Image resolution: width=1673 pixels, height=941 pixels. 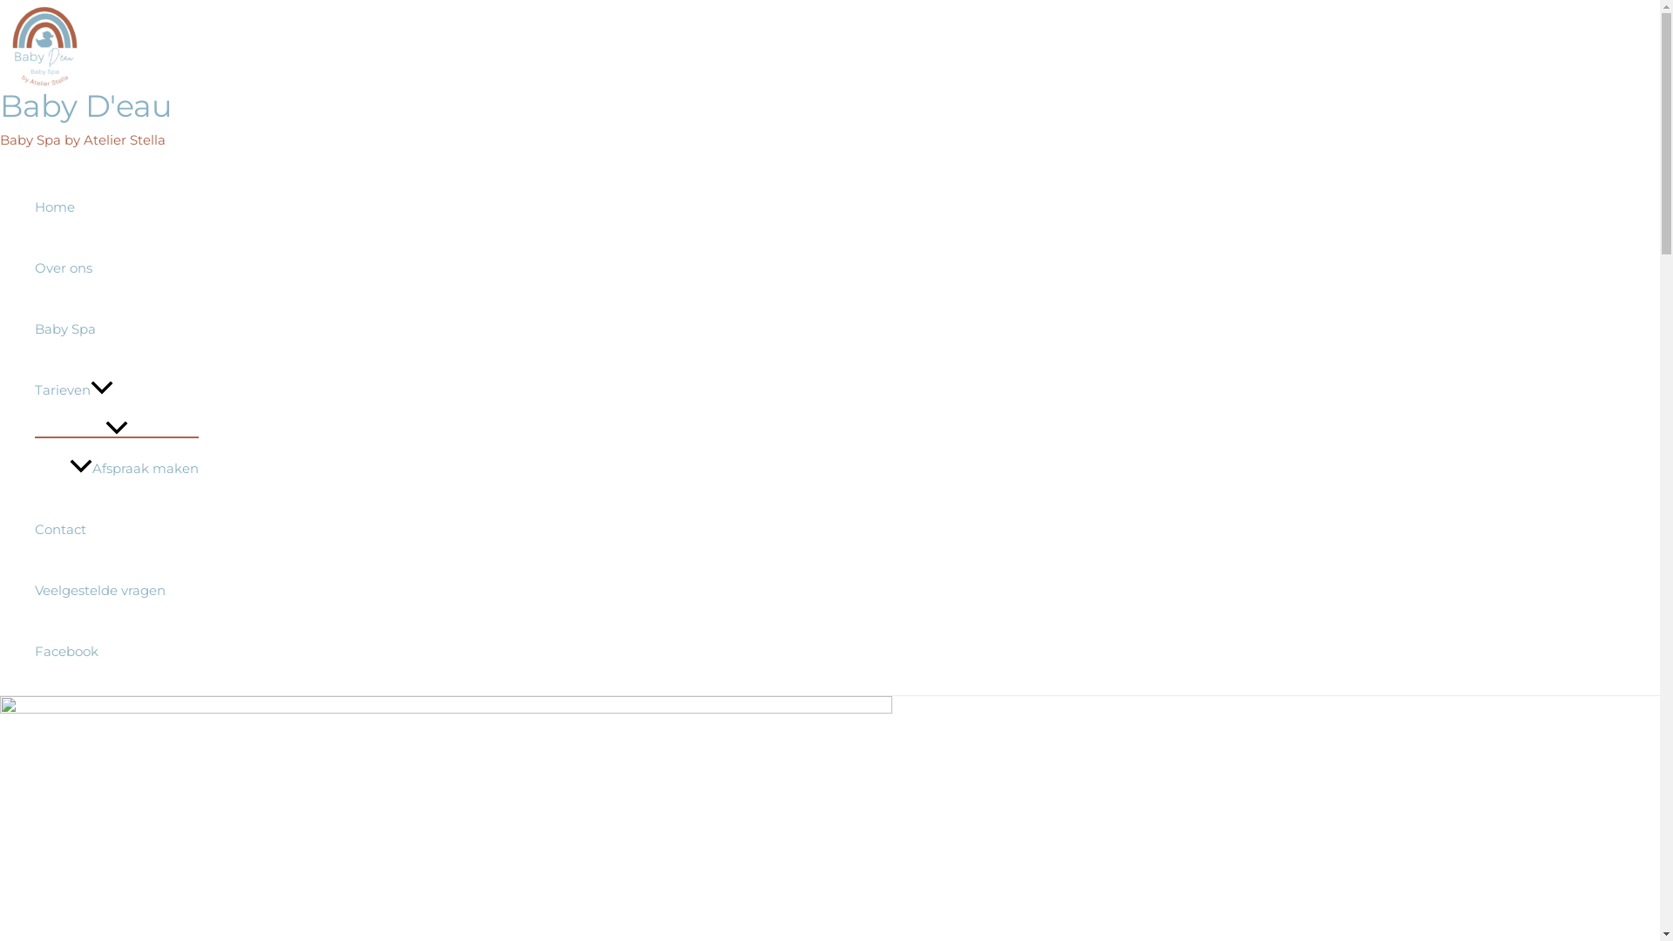 What do you see at coordinates (116, 389) in the screenshot?
I see `'Tarieven'` at bounding box center [116, 389].